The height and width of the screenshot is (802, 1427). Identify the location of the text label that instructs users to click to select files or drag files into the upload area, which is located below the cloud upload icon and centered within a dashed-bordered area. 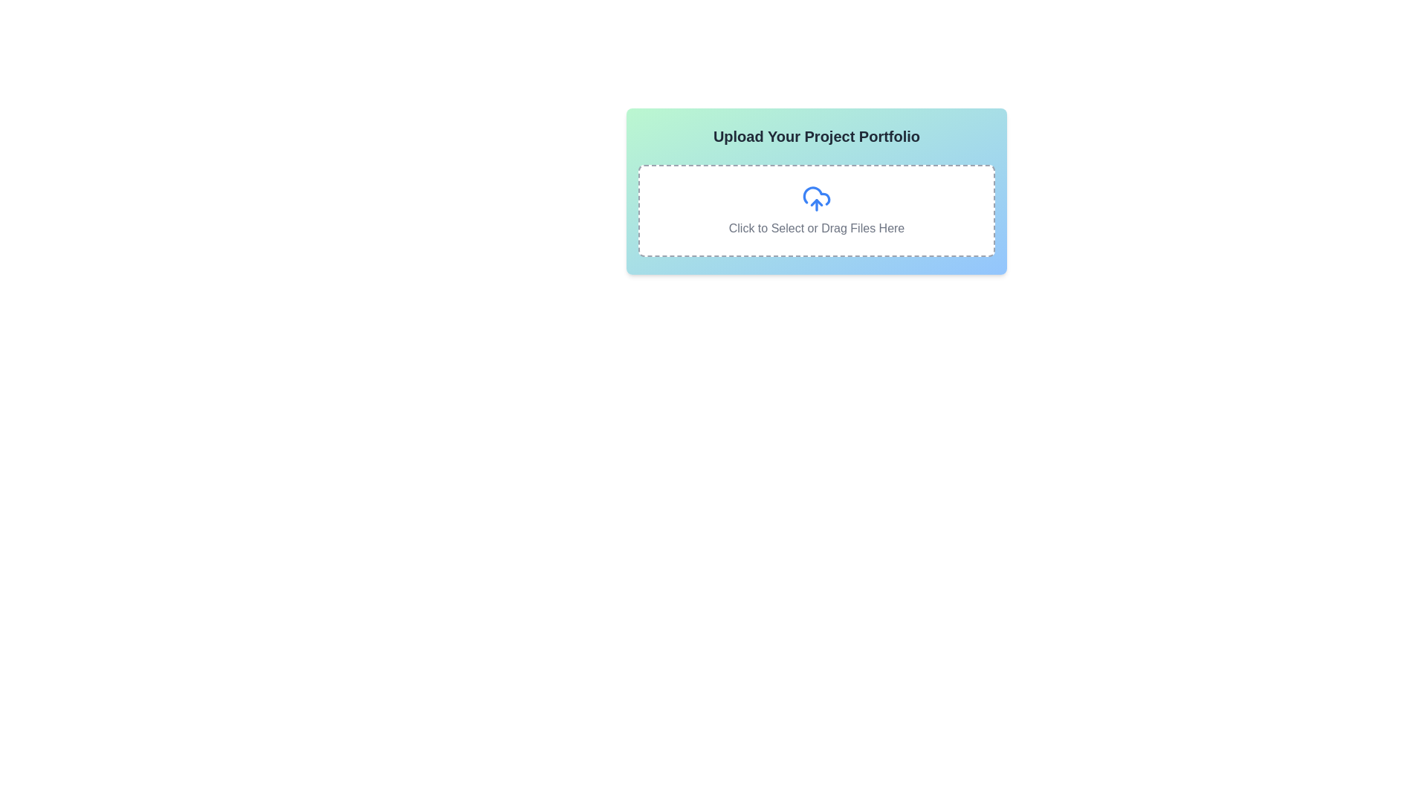
(816, 228).